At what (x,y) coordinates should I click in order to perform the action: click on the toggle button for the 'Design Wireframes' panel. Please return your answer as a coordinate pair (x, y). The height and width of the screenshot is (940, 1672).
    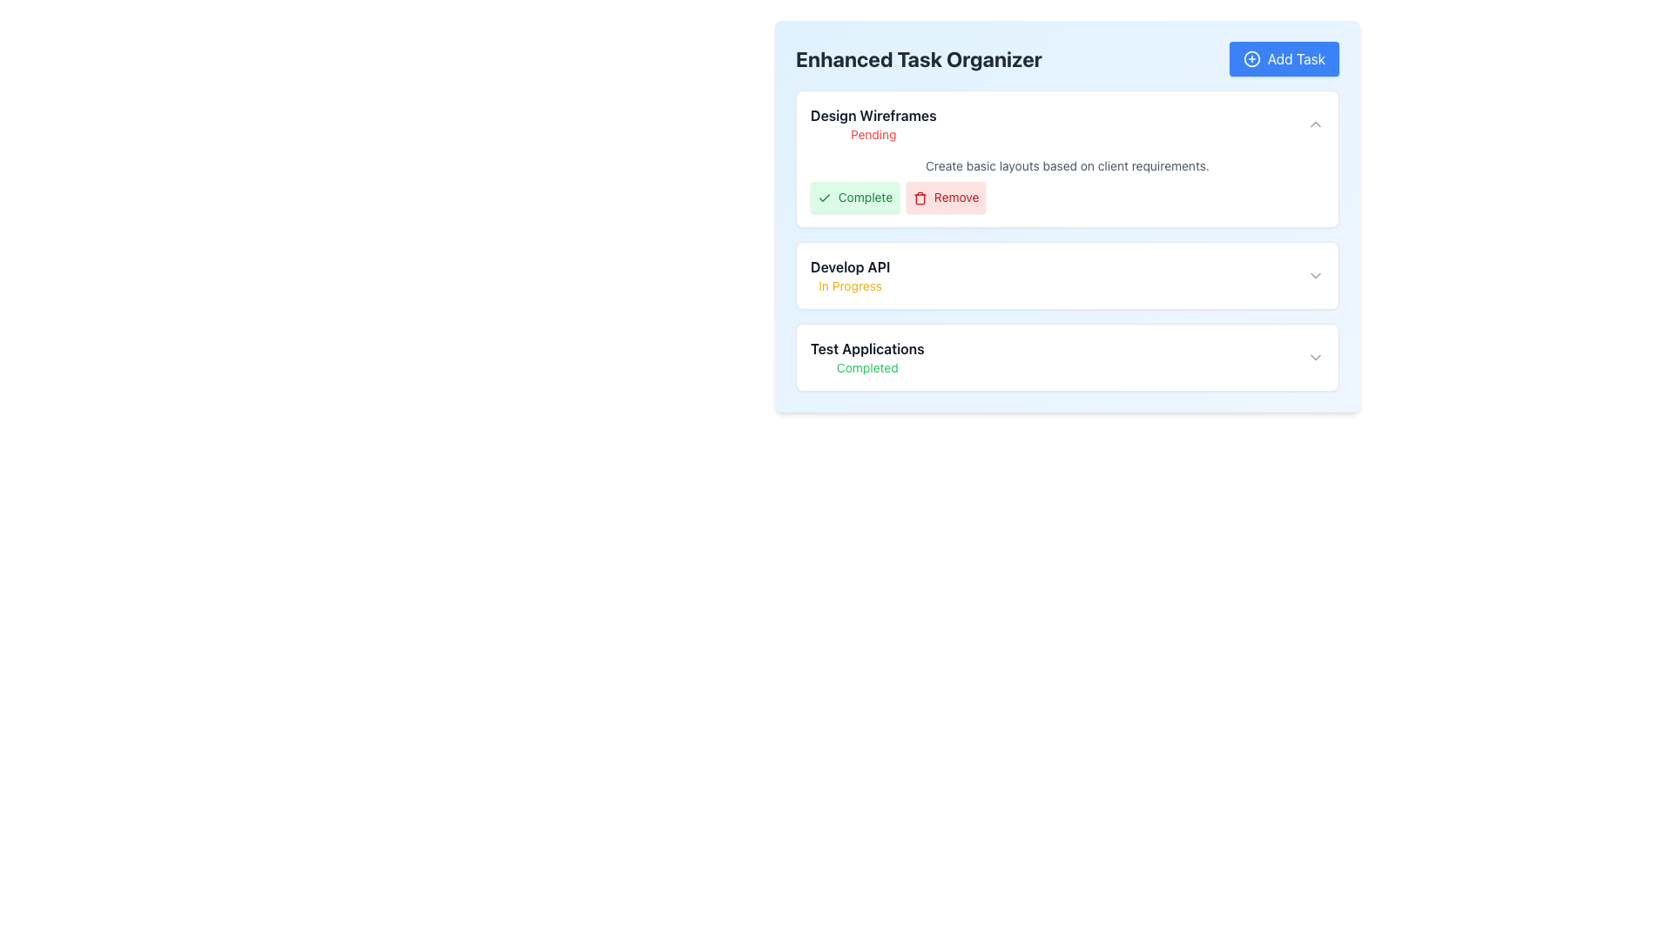
    Looking at the image, I should click on (1316, 123).